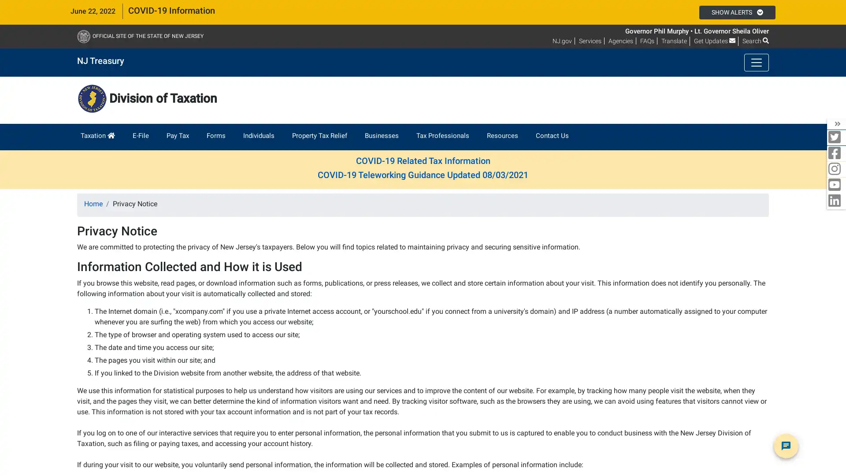 This screenshot has width=846, height=476. What do you see at coordinates (737, 12) in the screenshot?
I see `SHOW ALERTS` at bounding box center [737, 12].